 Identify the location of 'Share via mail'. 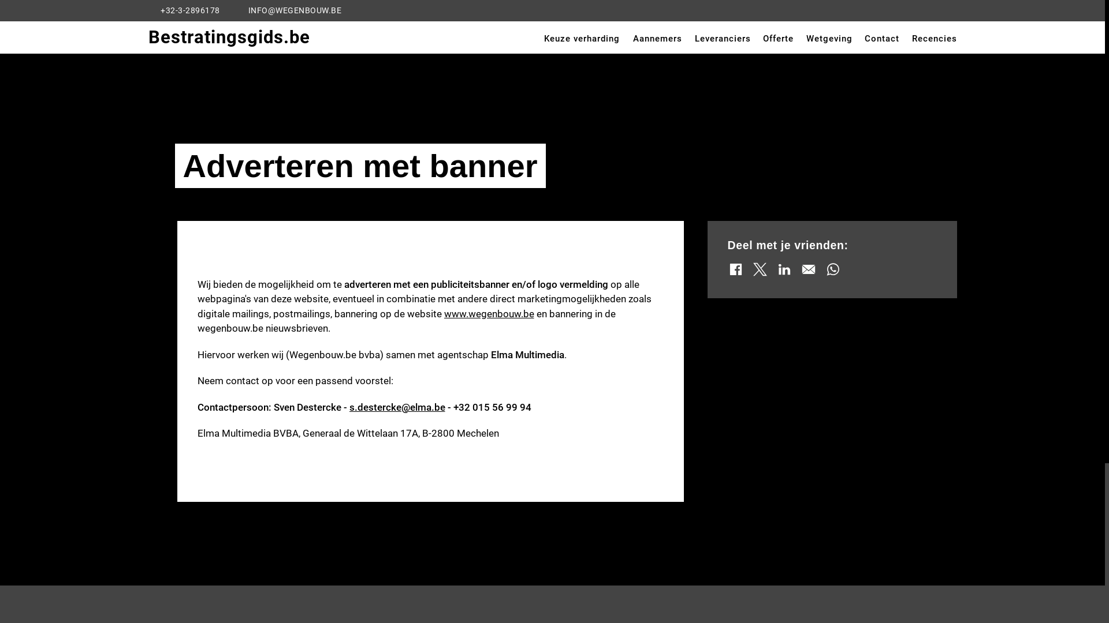
(808, 269).